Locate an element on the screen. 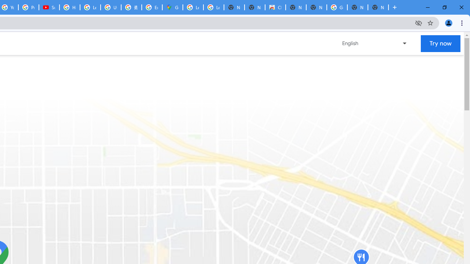  'Subscriptions - YouTube' is located at coordinates (49, 7).